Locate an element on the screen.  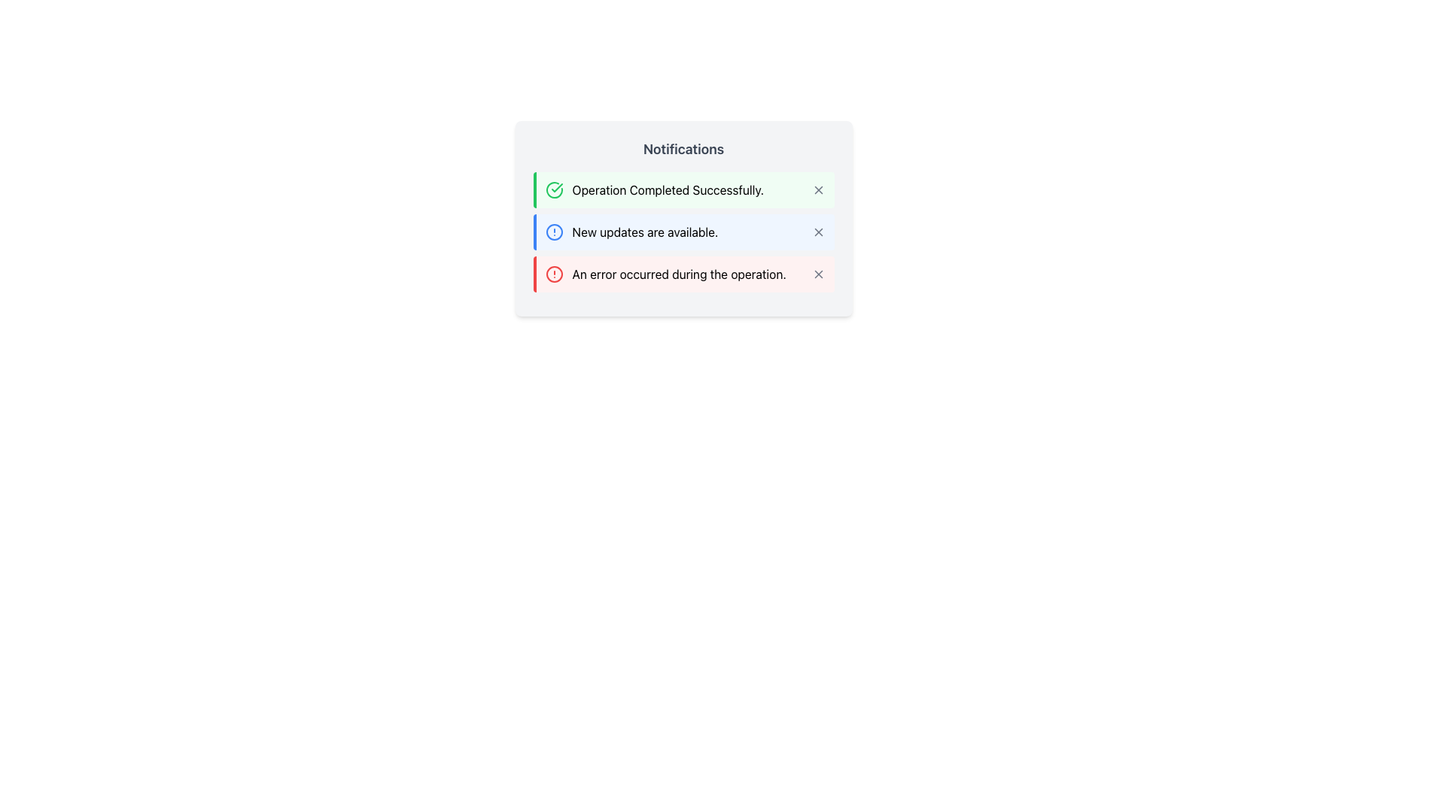
the notification toast that indicates 'Operation Completed Successfully.' is located at coordinates (683, 189).